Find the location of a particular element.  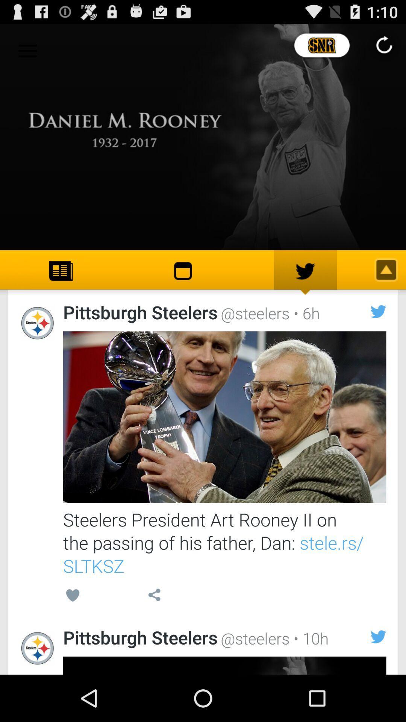

item next to the @steelers item is located at coordinates (304, 313).